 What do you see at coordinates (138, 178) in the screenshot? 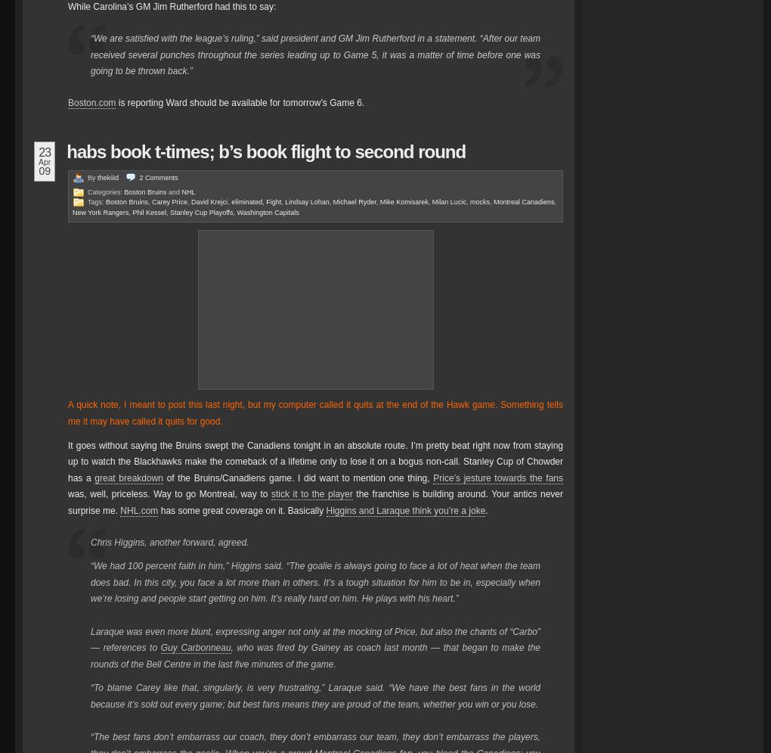
I see `'2'` at bounding box center [138, 178].